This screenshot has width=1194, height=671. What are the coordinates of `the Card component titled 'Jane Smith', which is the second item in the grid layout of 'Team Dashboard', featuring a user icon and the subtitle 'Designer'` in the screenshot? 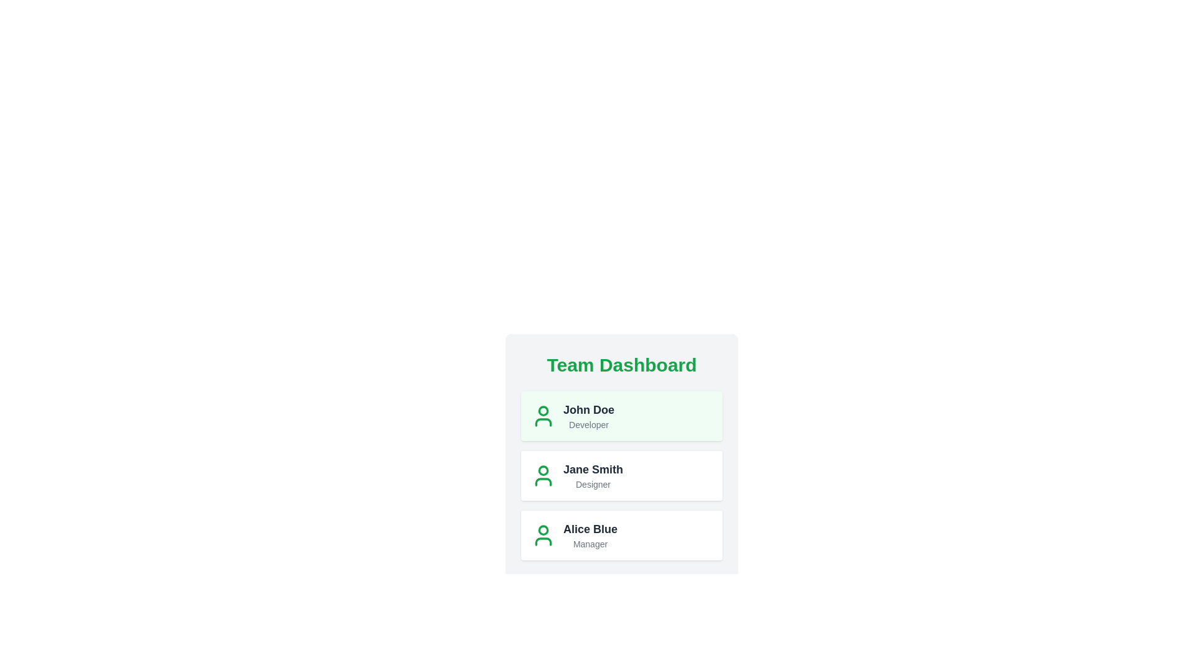 It's located at (621, 475).